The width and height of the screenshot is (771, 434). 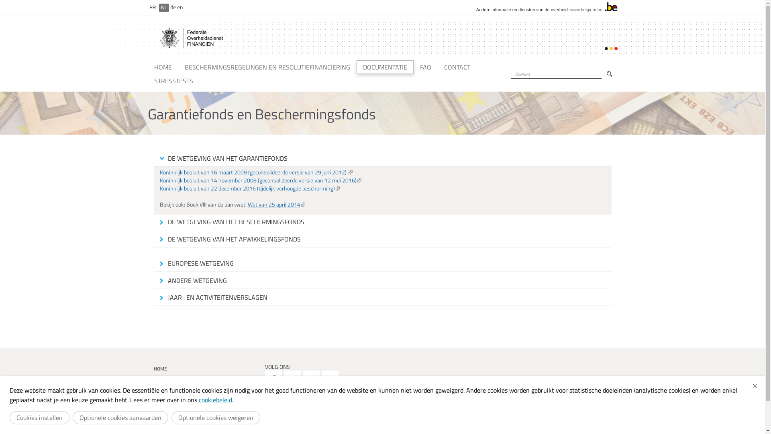 What do you see at coordinates (9, 0) in the screenshot?
I see `'Skip to main content'` at bounding box center [9, 0].